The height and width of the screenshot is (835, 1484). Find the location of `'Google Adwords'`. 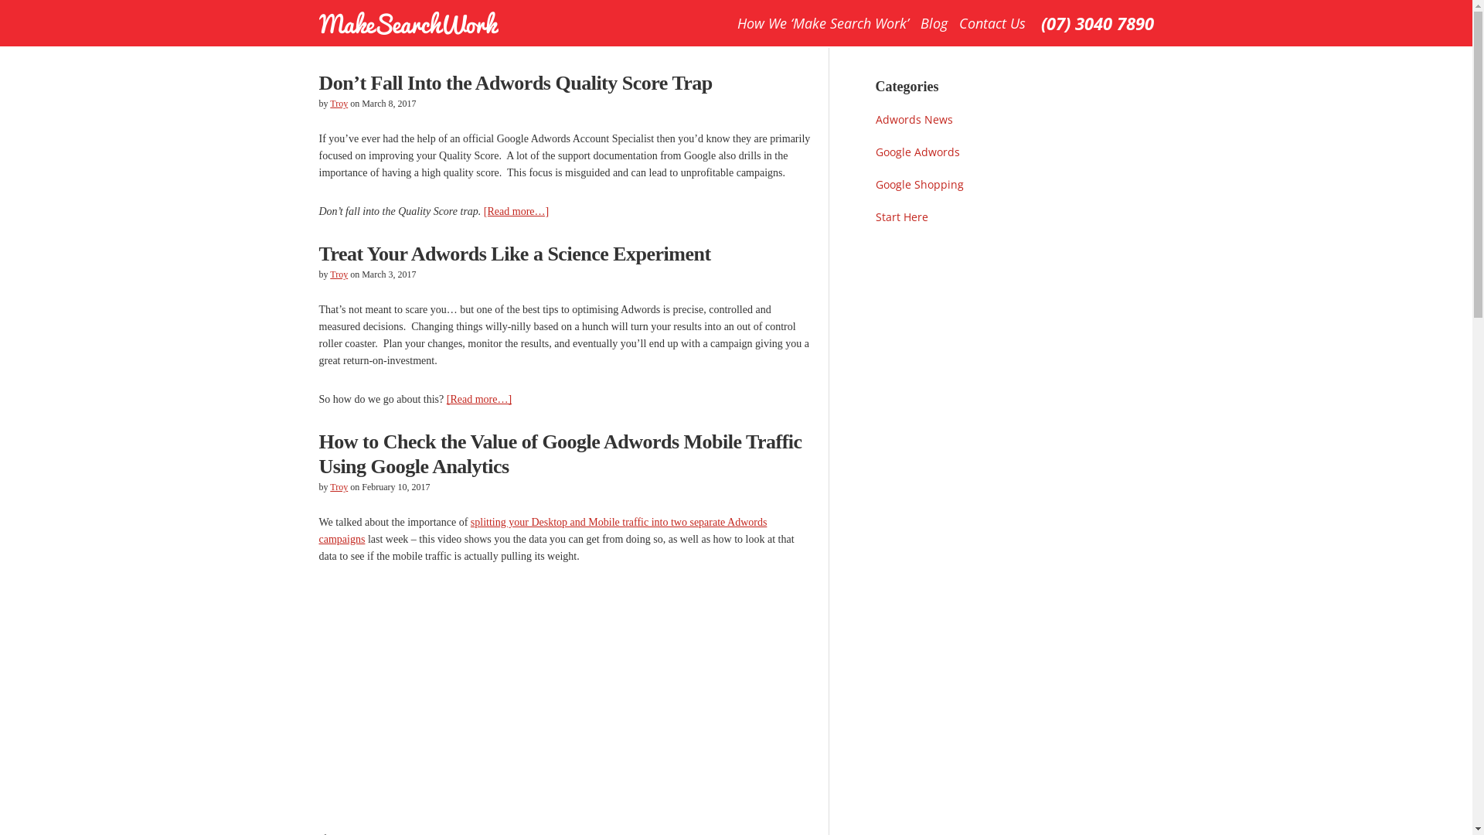

'Google Adwords' is located at coordinates (917, 152).